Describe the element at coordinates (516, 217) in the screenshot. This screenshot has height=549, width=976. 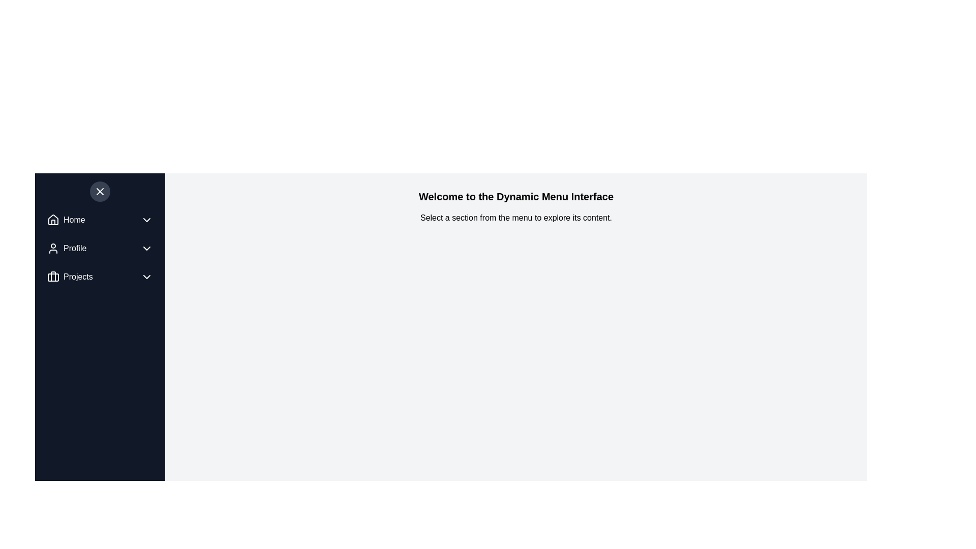
I see `the static text element displaying the message 'Select a section from the menu` at that location.